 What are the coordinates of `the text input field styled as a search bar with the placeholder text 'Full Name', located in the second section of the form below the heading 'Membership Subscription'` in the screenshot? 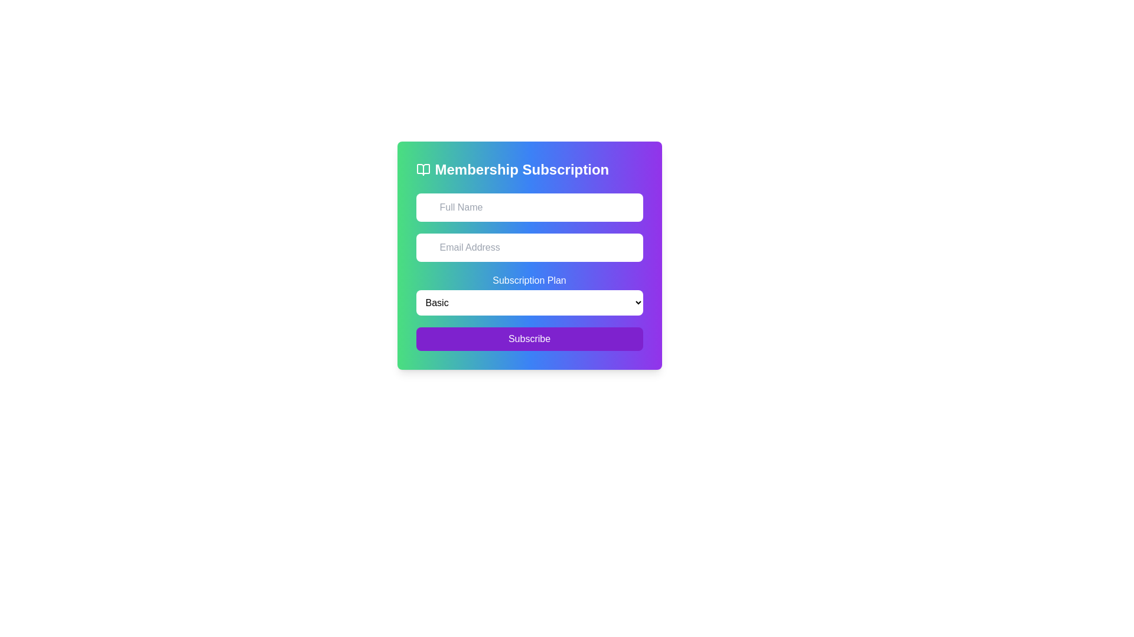 It's located at (529, 206).